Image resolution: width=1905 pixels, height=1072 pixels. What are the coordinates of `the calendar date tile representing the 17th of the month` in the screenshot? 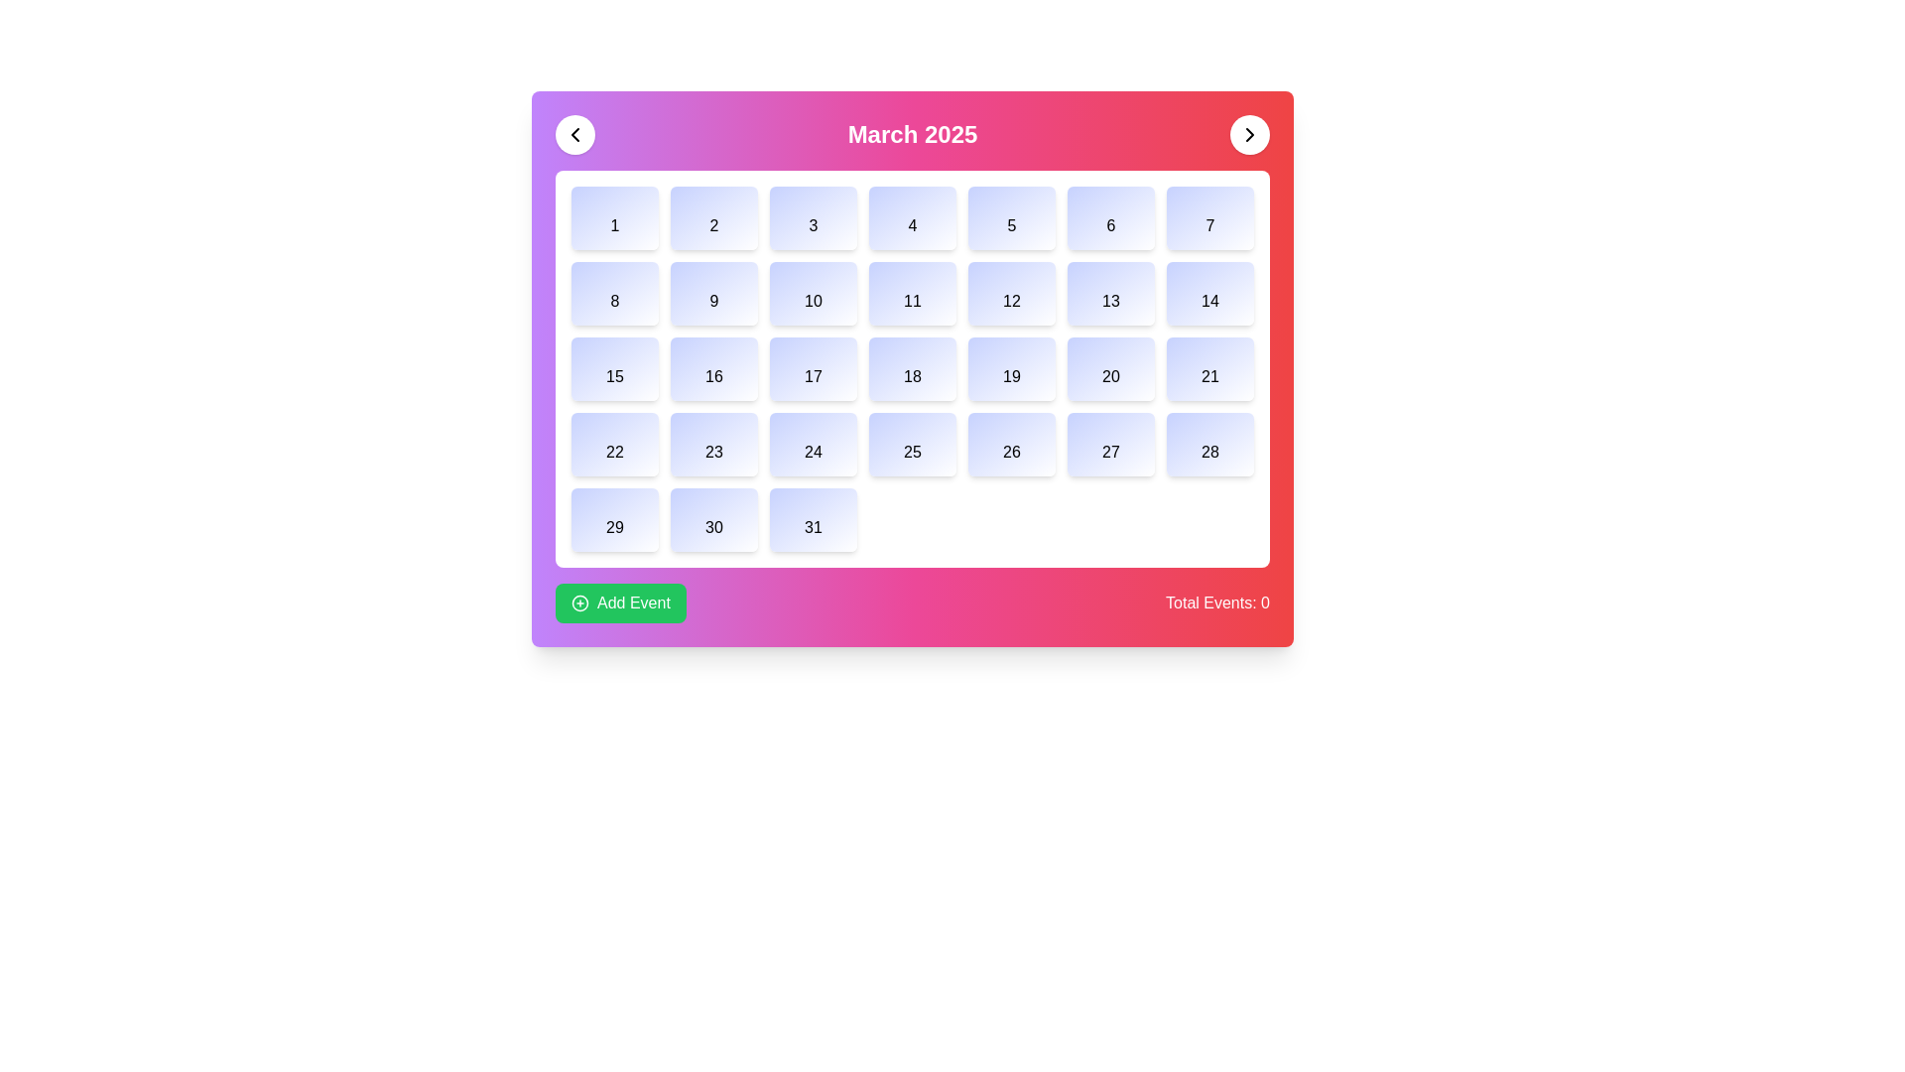 It's located at (814, 368).